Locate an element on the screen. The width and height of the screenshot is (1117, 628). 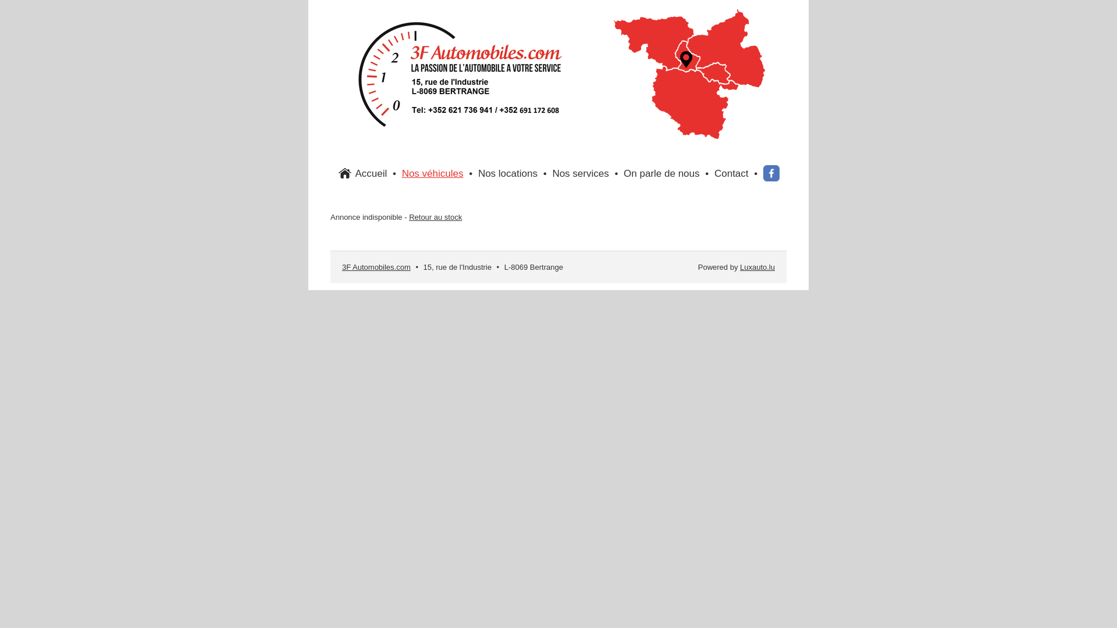
'Accueil' is located at coordinates (370, 173).